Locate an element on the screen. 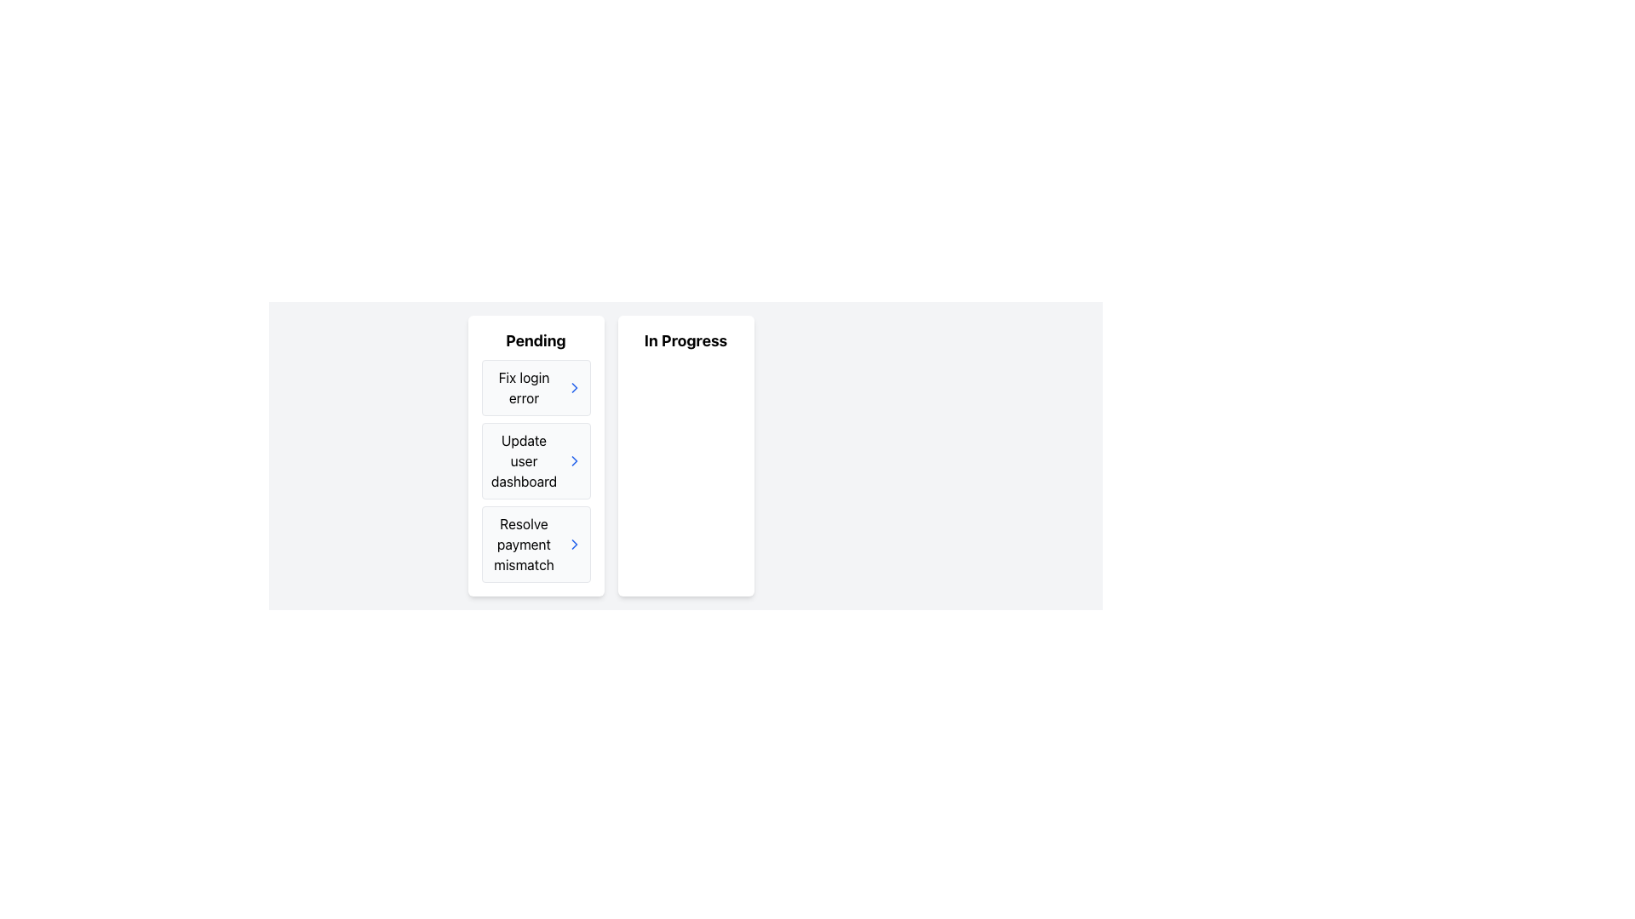 The width and height of the screenshot is (1635, 919). the text label representing the first task in the 'Pending' list is located at coordinates (523, 387).